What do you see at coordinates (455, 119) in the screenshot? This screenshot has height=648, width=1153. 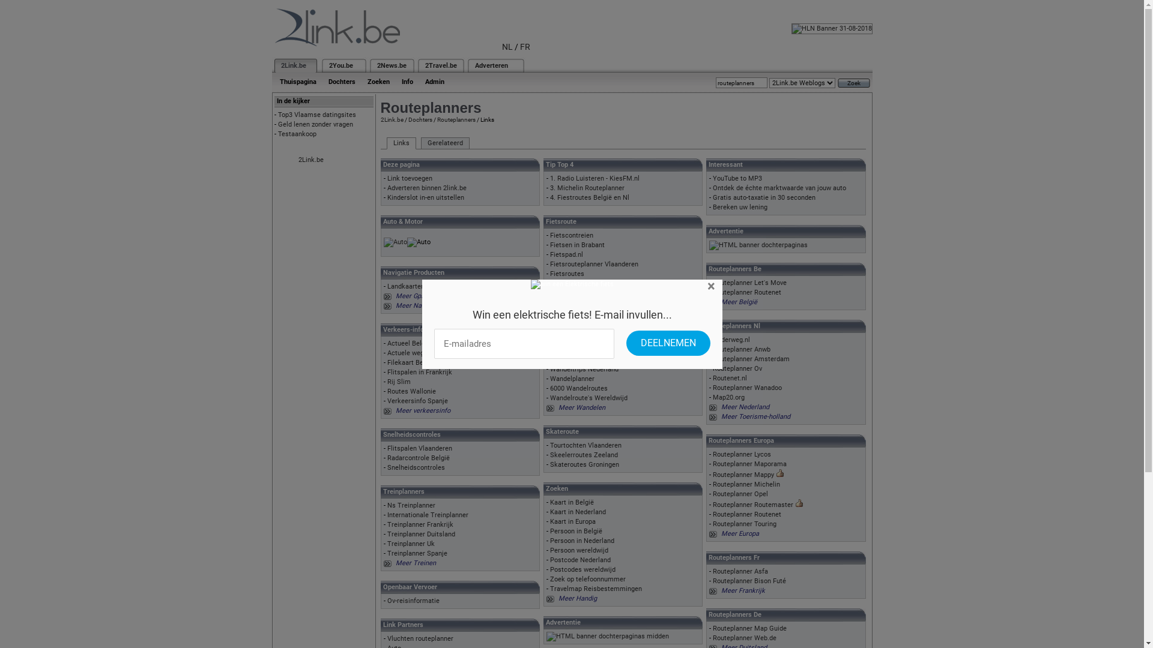 I see `'Routeplanners'` at bounding box center [455, 119].